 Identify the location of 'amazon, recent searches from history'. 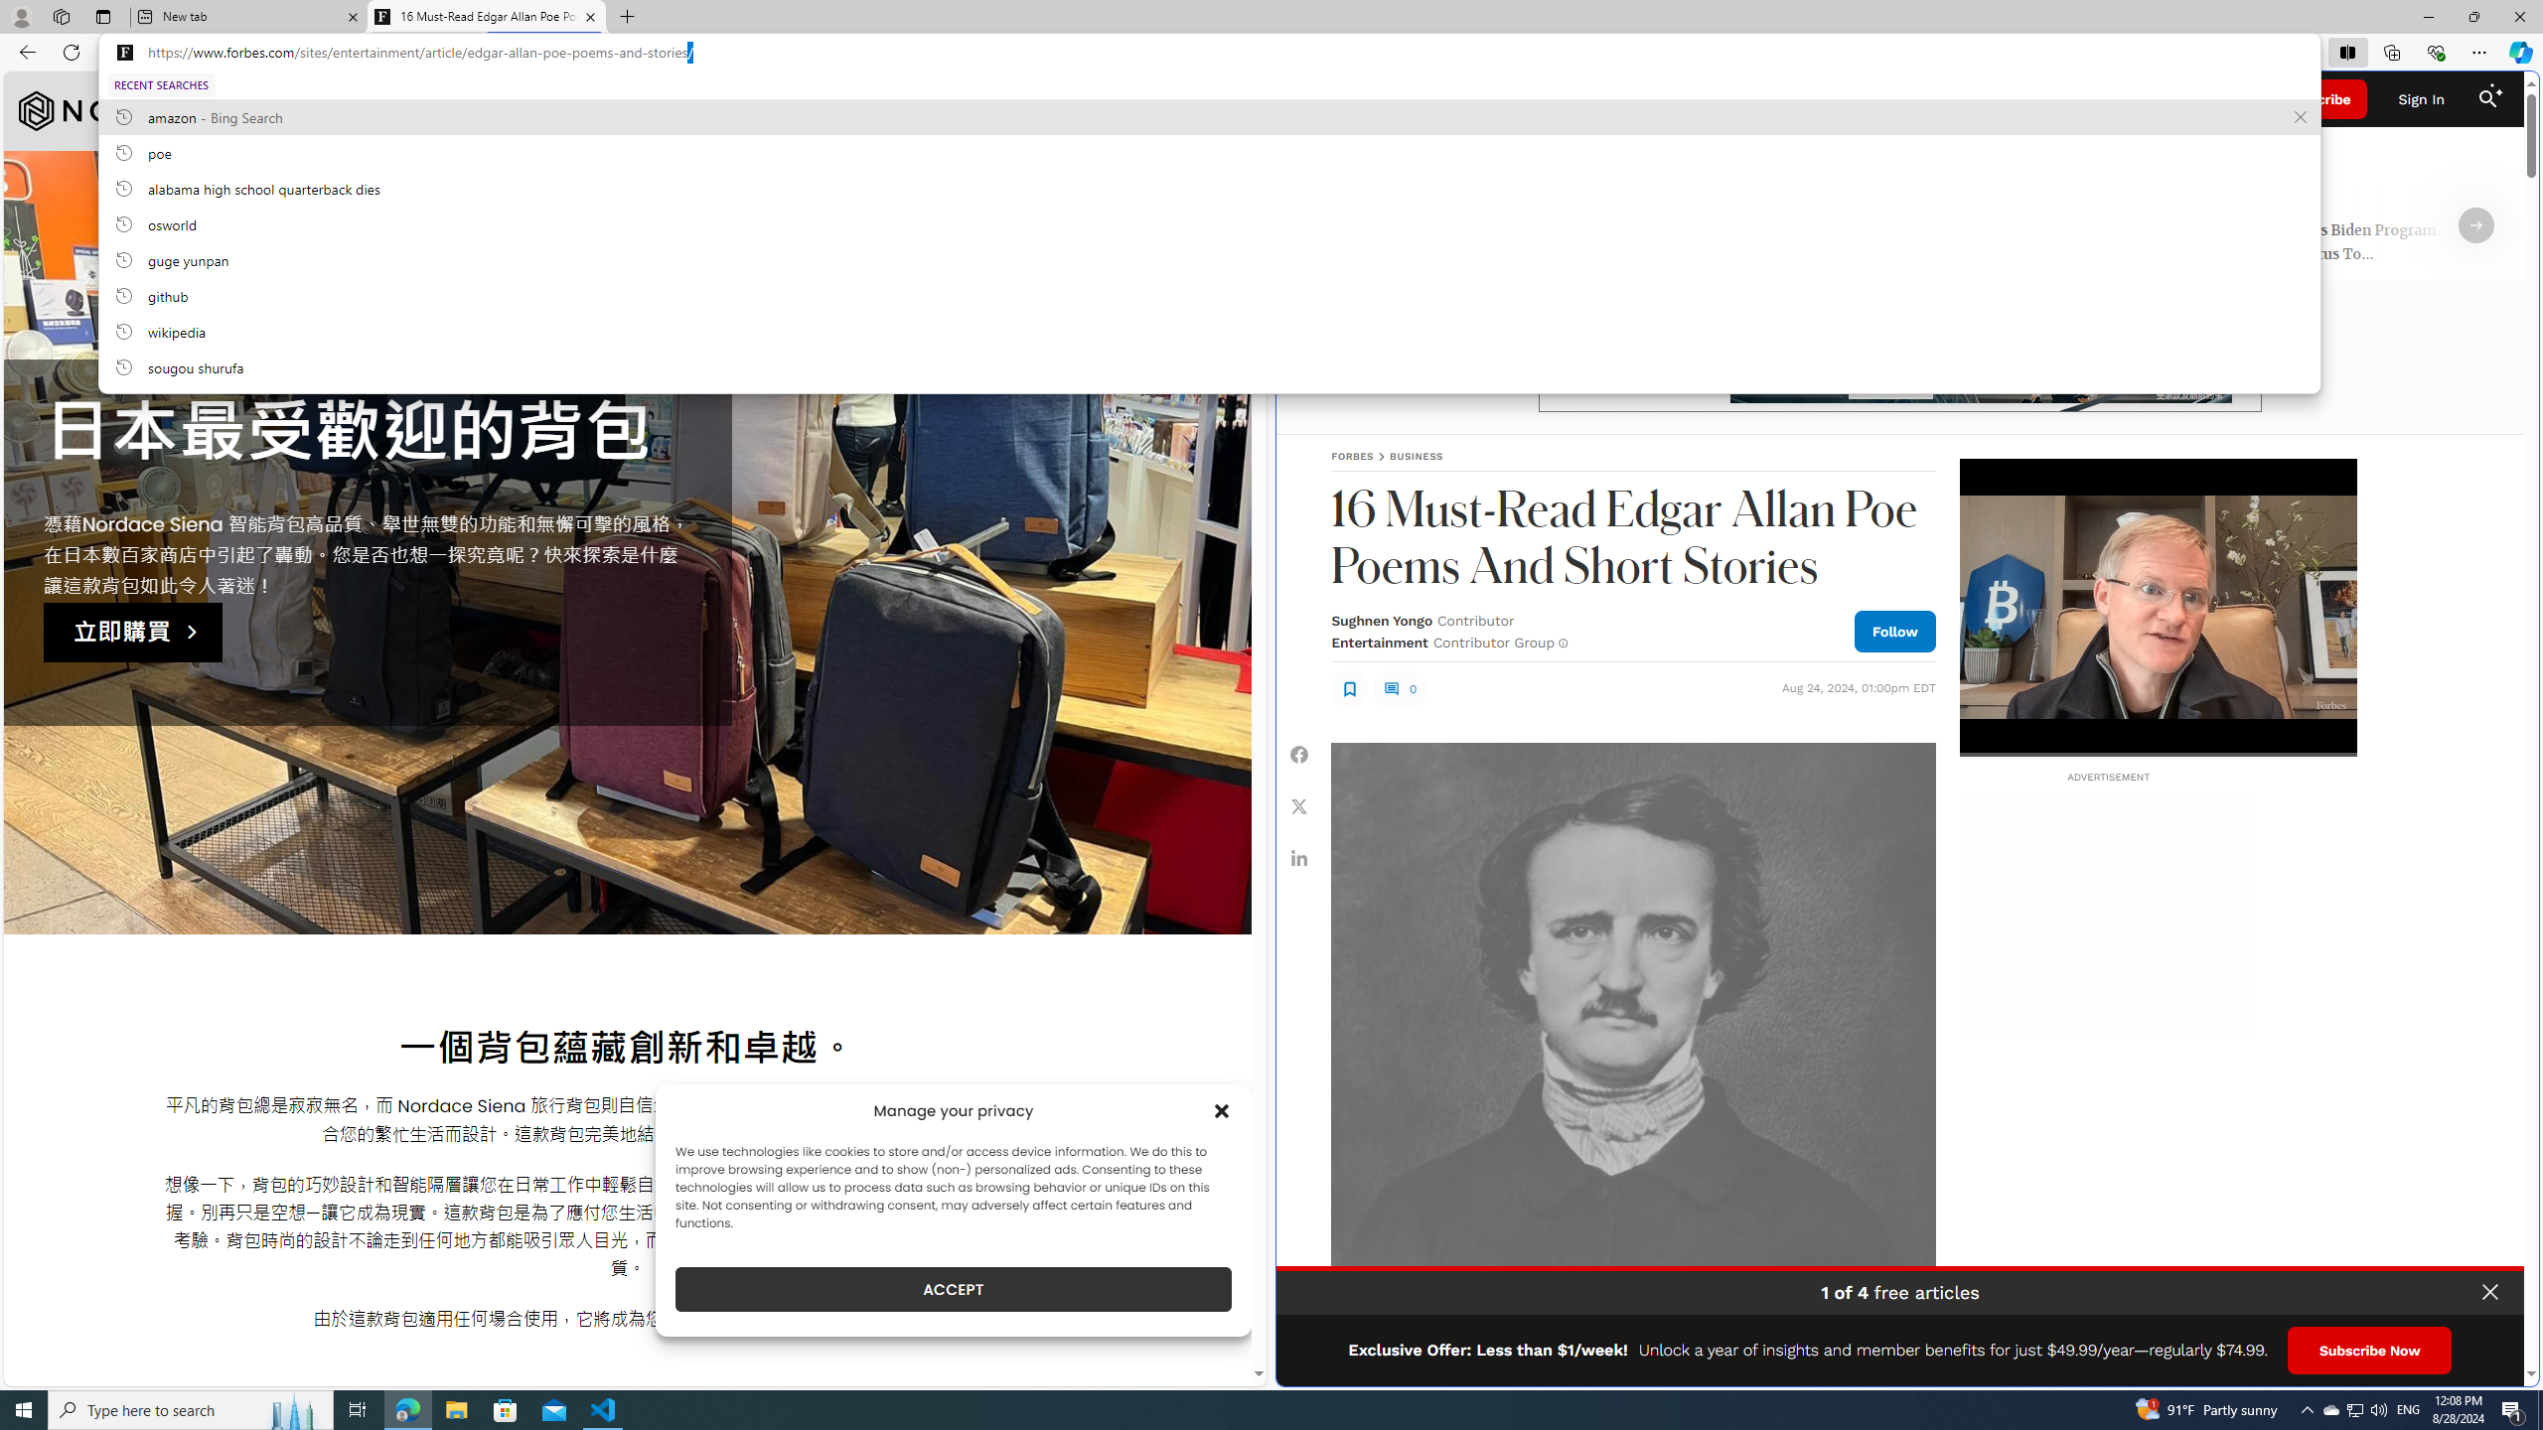
(1208, 115).